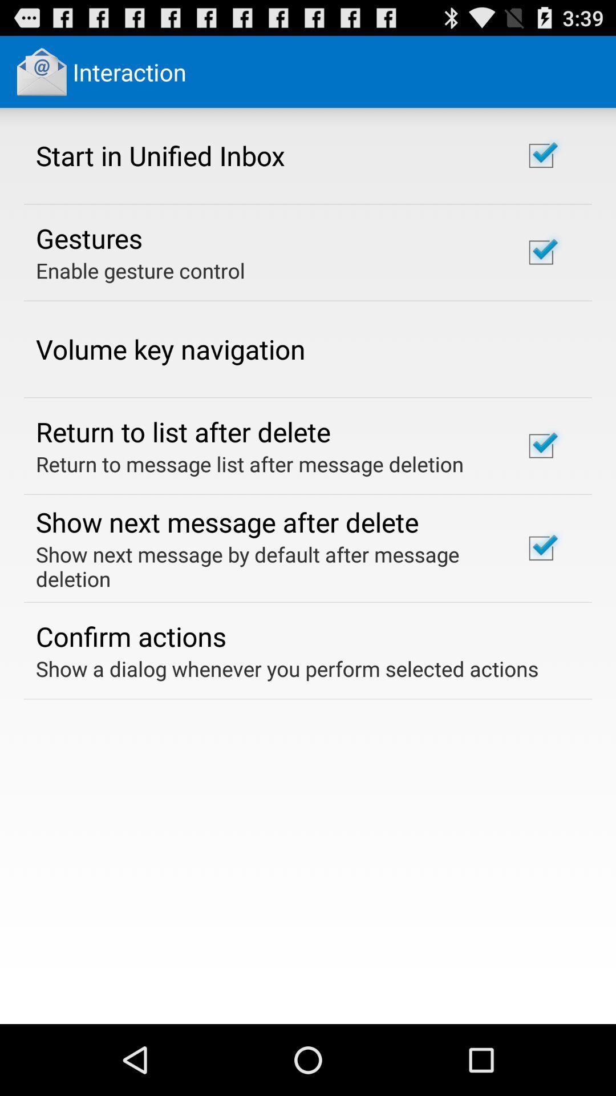  What do you see at coordinates (140, 270) in the screenshot?
I see `enable gesture control icon` at bounding box center [140, 270].